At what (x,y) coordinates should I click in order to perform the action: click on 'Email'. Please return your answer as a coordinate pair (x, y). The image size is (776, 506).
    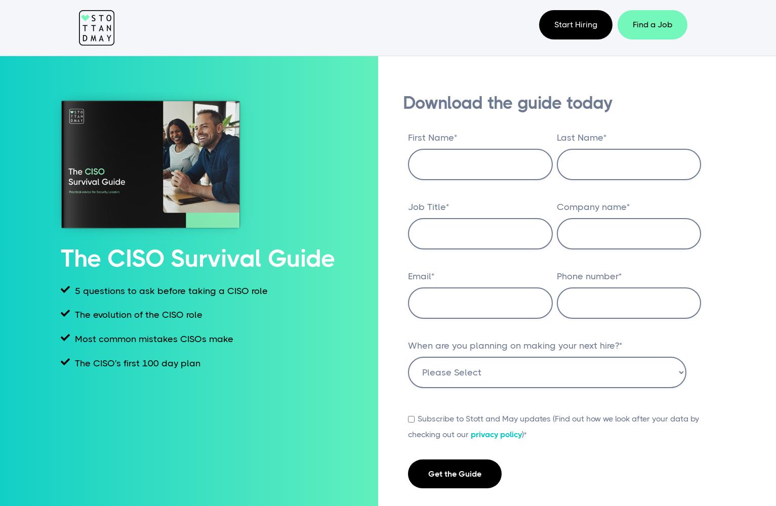
    Looking at the image, I should click on (419, 276).